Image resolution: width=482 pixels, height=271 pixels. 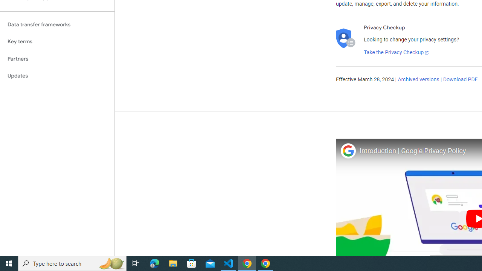 What do you see at coordinates (57, 41) in the screenshot?
I see `'Key terms'` at bounding box center [57, 41].